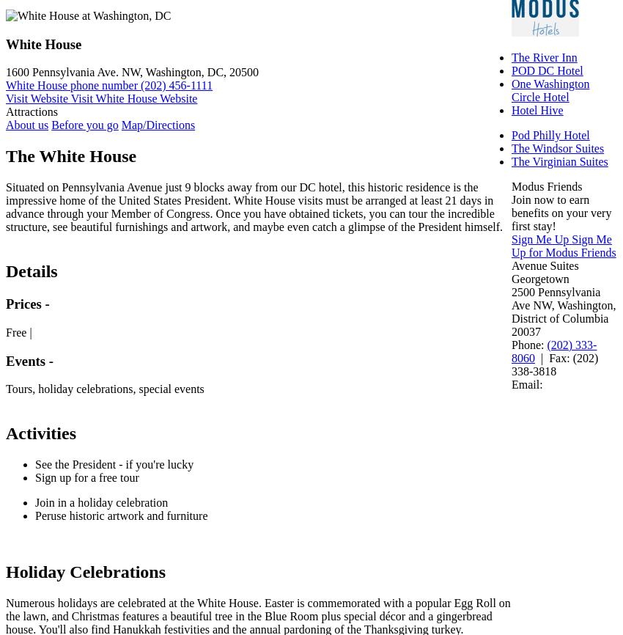  I want to click on '|  Fax:', so click(534, 358).